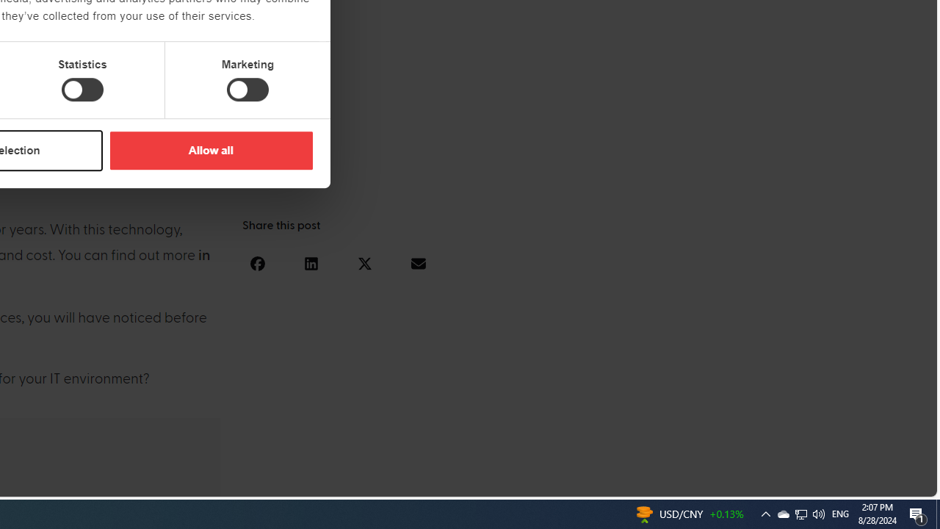  Describe the element at coordinates (210, 150) in the screenshot. I see `'Allow all'` at that location.